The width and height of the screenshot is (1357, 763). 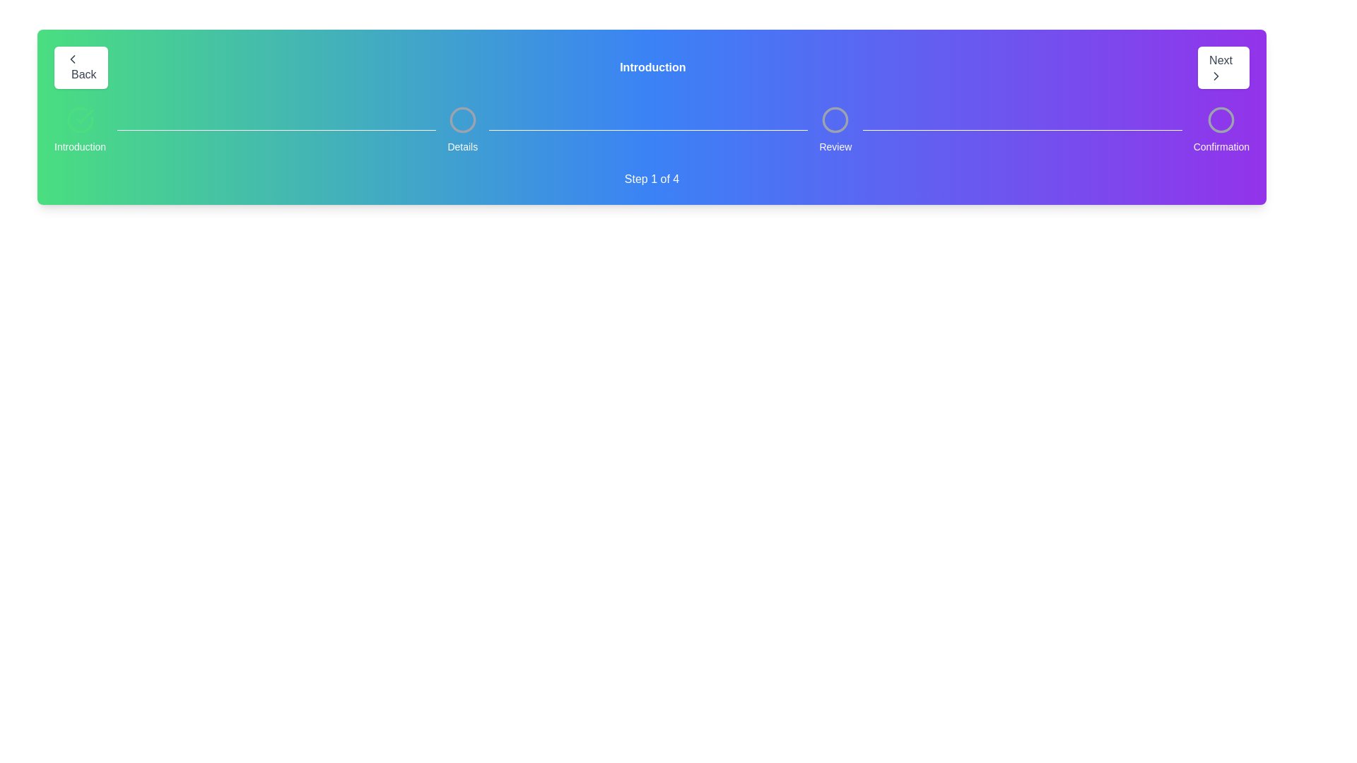 What do you see at coordinates (651, 68) in the screenshot?
I see `the central text label 'Introduction' which is bold and white, located in the header section between the 'Back' and 'Next' buttons` at bounding box center [651, 68].